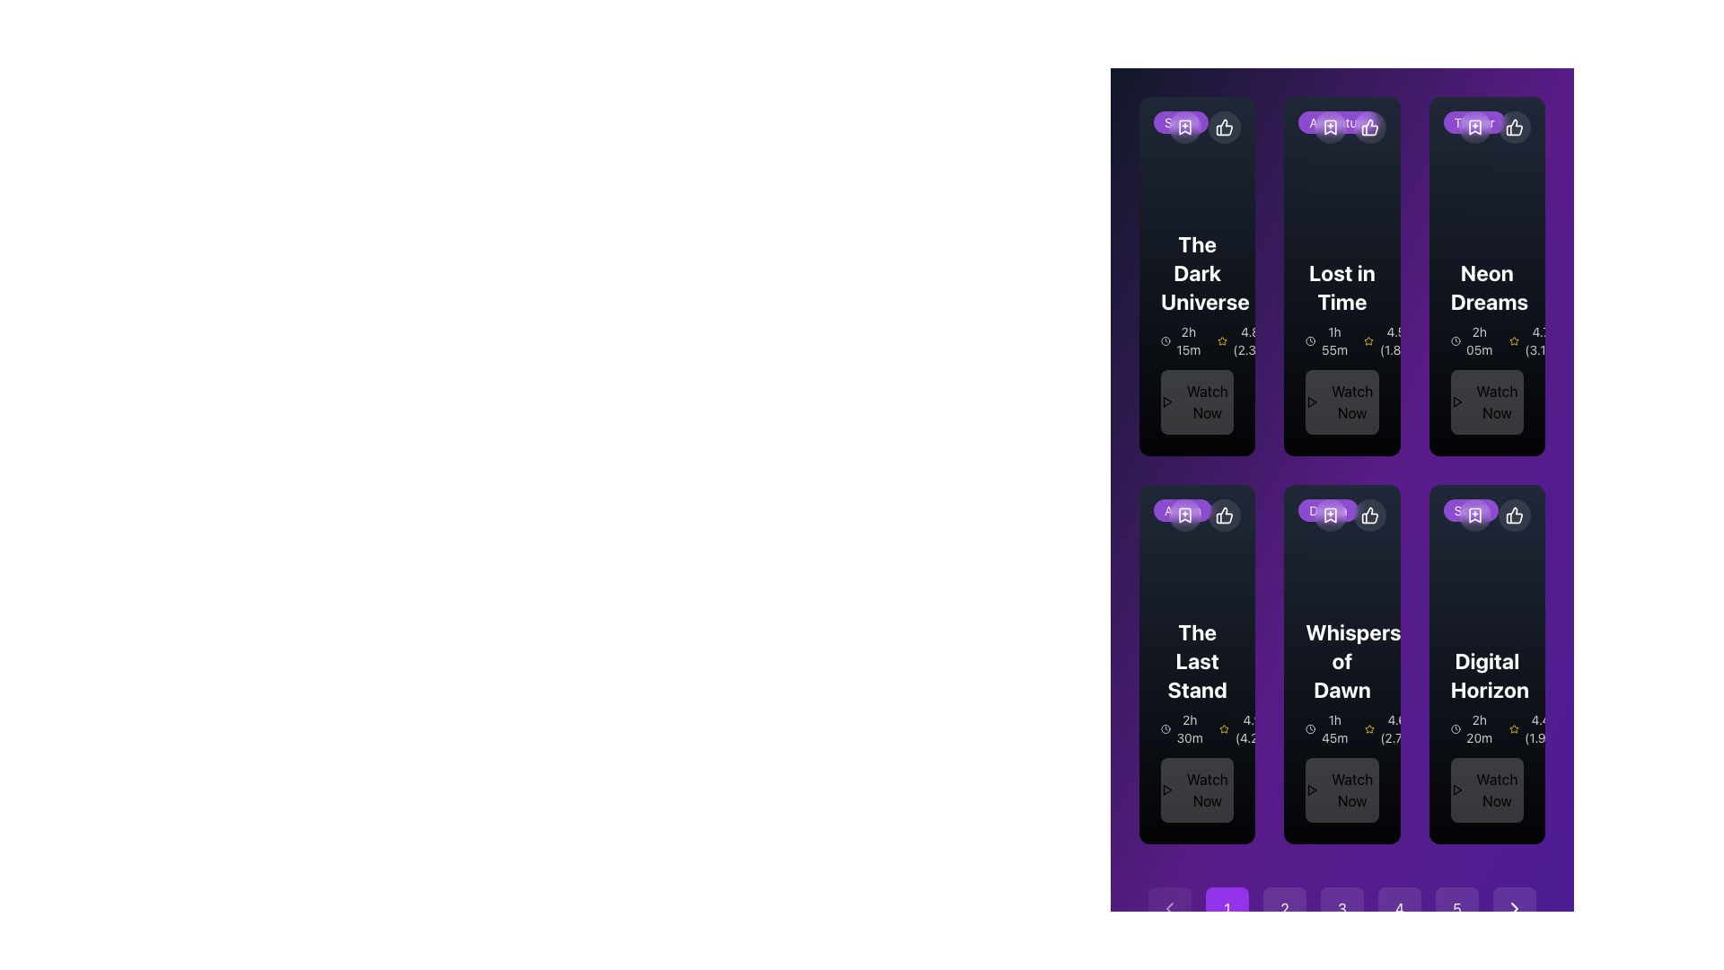 The width and height of the screenshot is (1724, 970). I want to click on the icon button located at the top right of the 'Digital Horizon' card in the second row to mark it as favorite or saved, so click(1474, 516).